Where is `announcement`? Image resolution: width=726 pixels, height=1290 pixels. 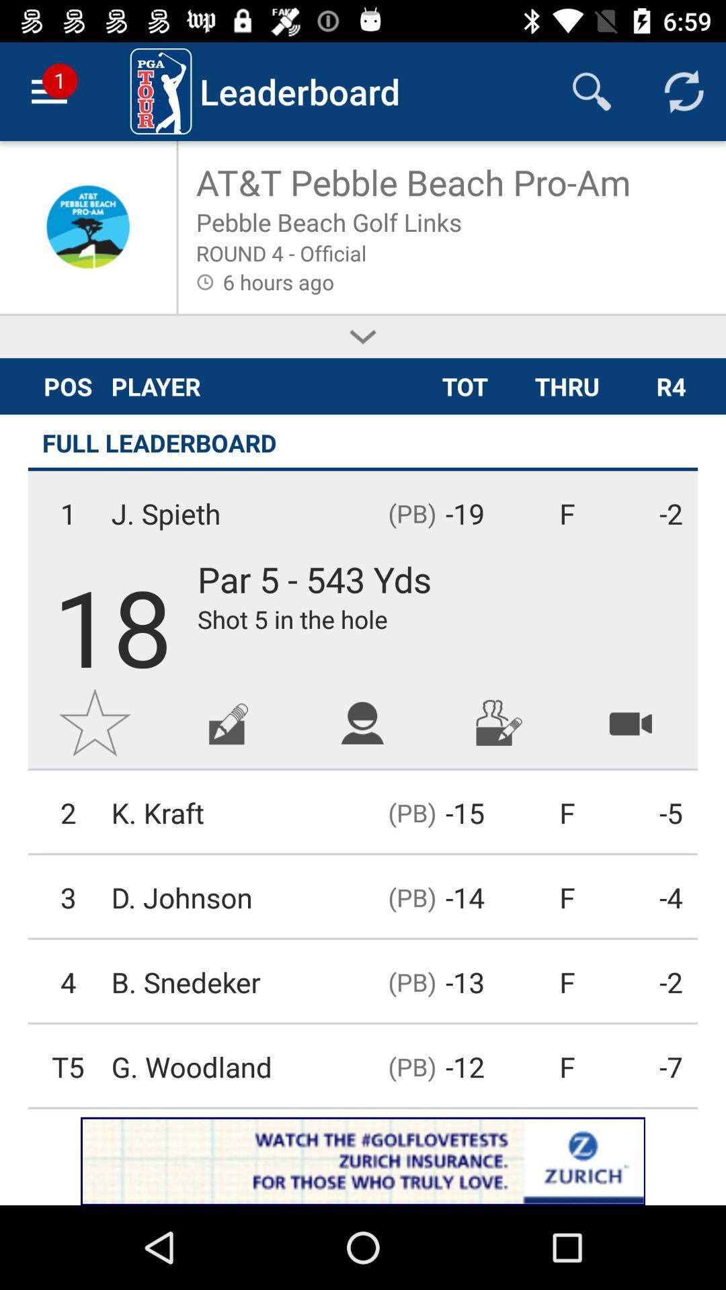
announcement is located at coordinates (363, 1160).